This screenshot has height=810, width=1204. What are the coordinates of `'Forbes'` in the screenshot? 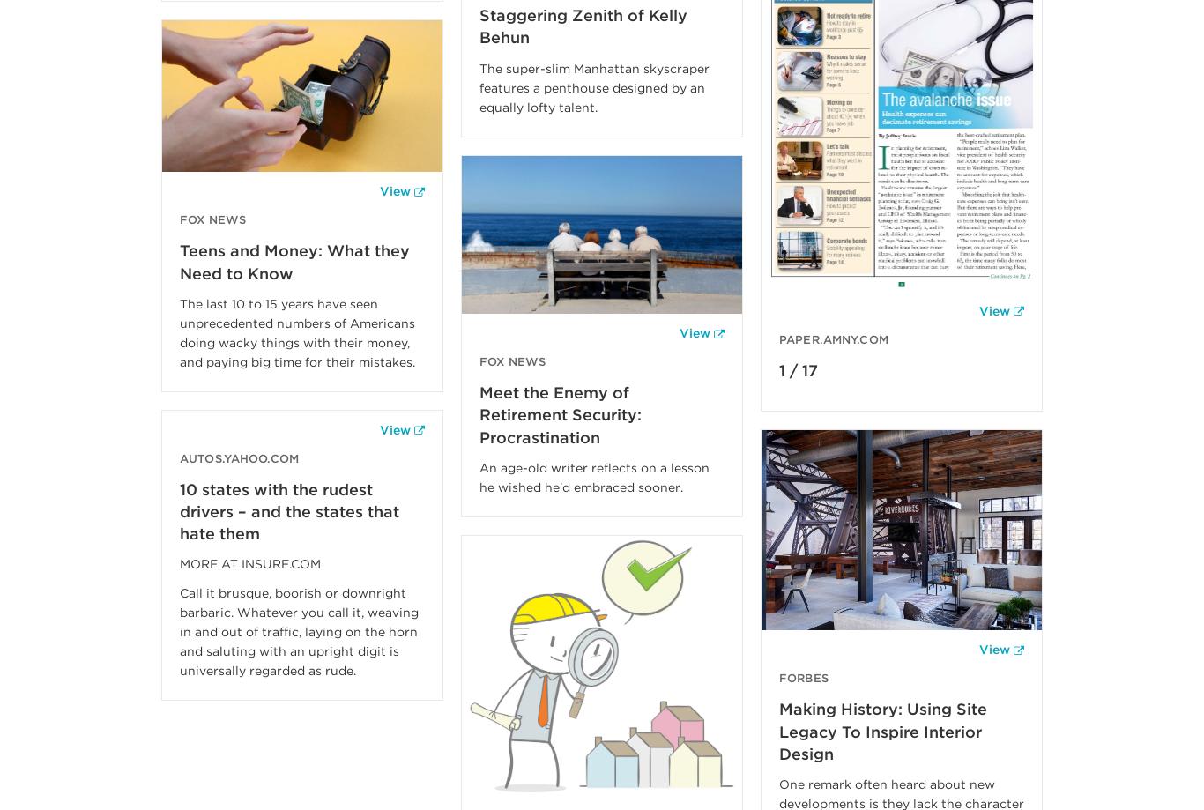 It's located at (803, 678).